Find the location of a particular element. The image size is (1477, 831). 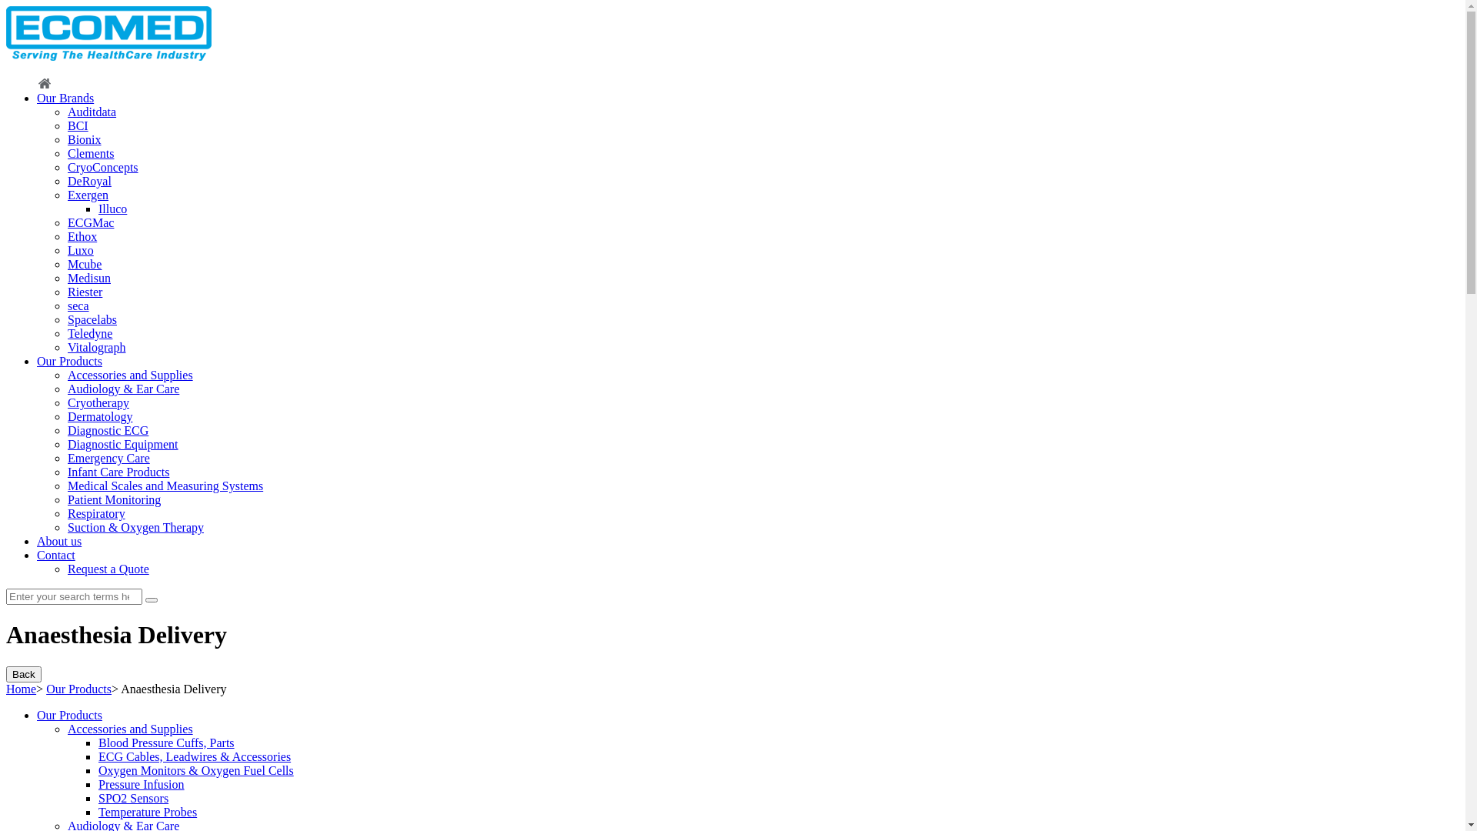

'Home' is located at coordinates (44, 83).